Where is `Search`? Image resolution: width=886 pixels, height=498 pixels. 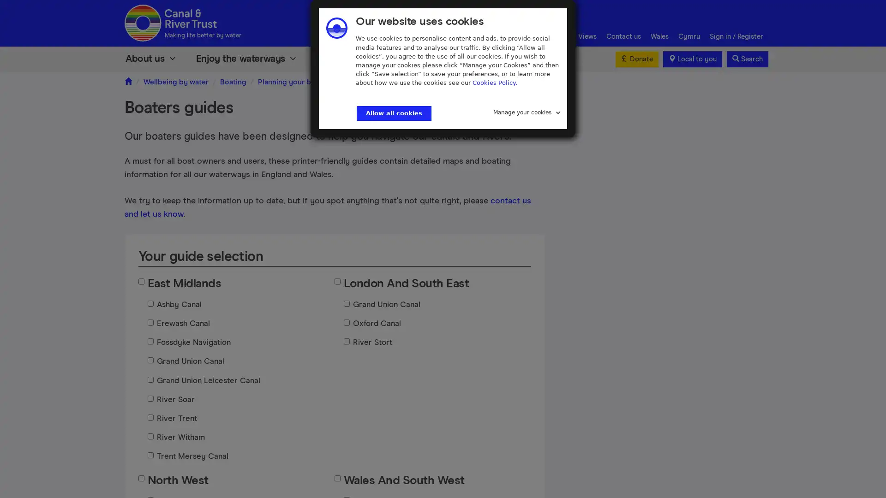
Search is located at coordinates (748, 59).